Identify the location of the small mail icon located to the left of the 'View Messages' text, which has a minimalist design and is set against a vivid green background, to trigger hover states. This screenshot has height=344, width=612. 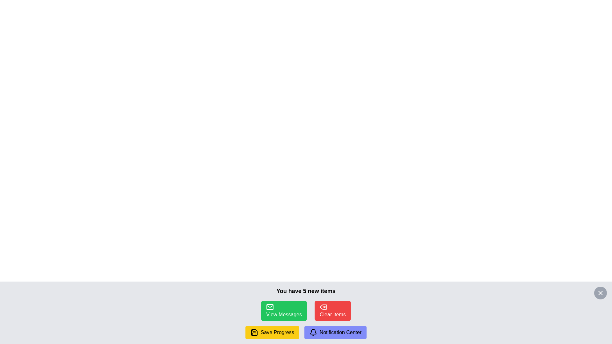
(270, 307).